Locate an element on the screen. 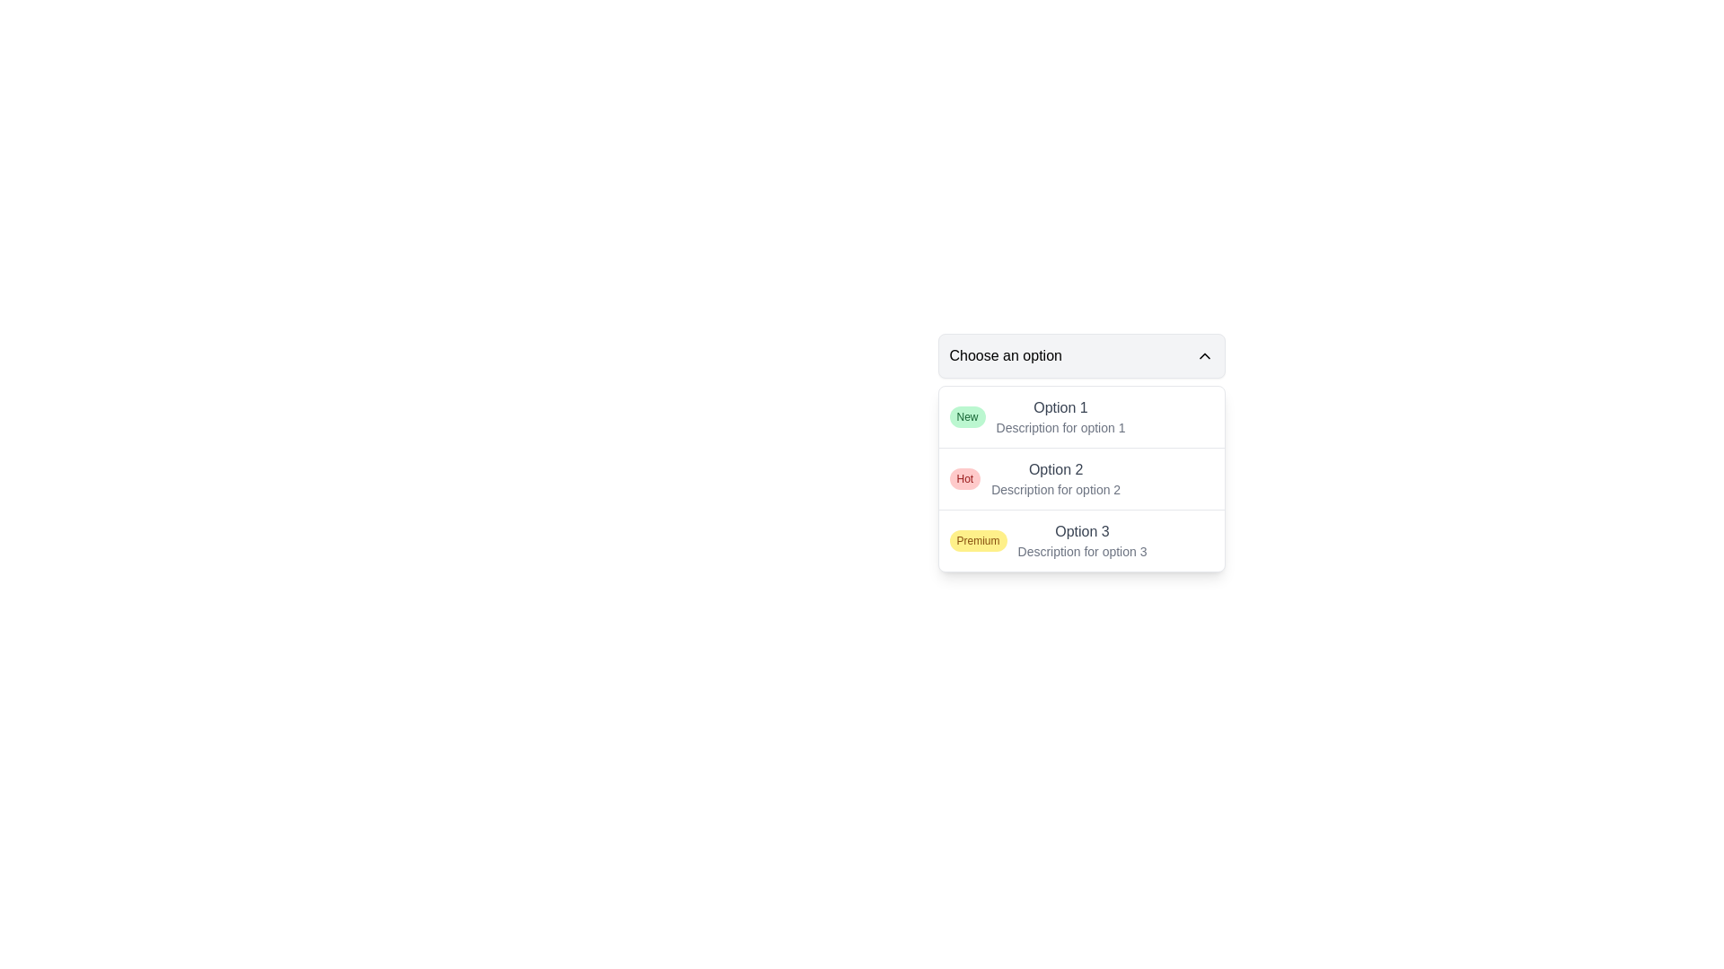  the Text Label providing additional information for 'Option 2', located directly underneath 'Option 2' and its badge 'Hot', positioned second among the options in the dropdown menu is located at coordinates (1056, 490).